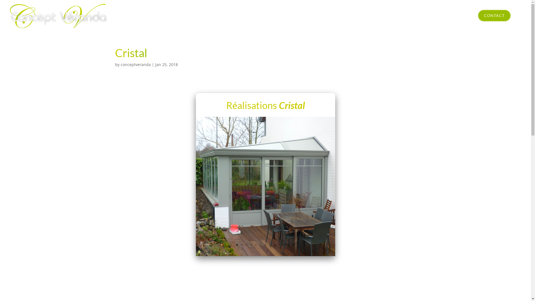 This screenshot has width=535, height=301. What do you see at coordinates (270, 244) in the screenshot?
I see `'8'` at bounding box center [270, 244].